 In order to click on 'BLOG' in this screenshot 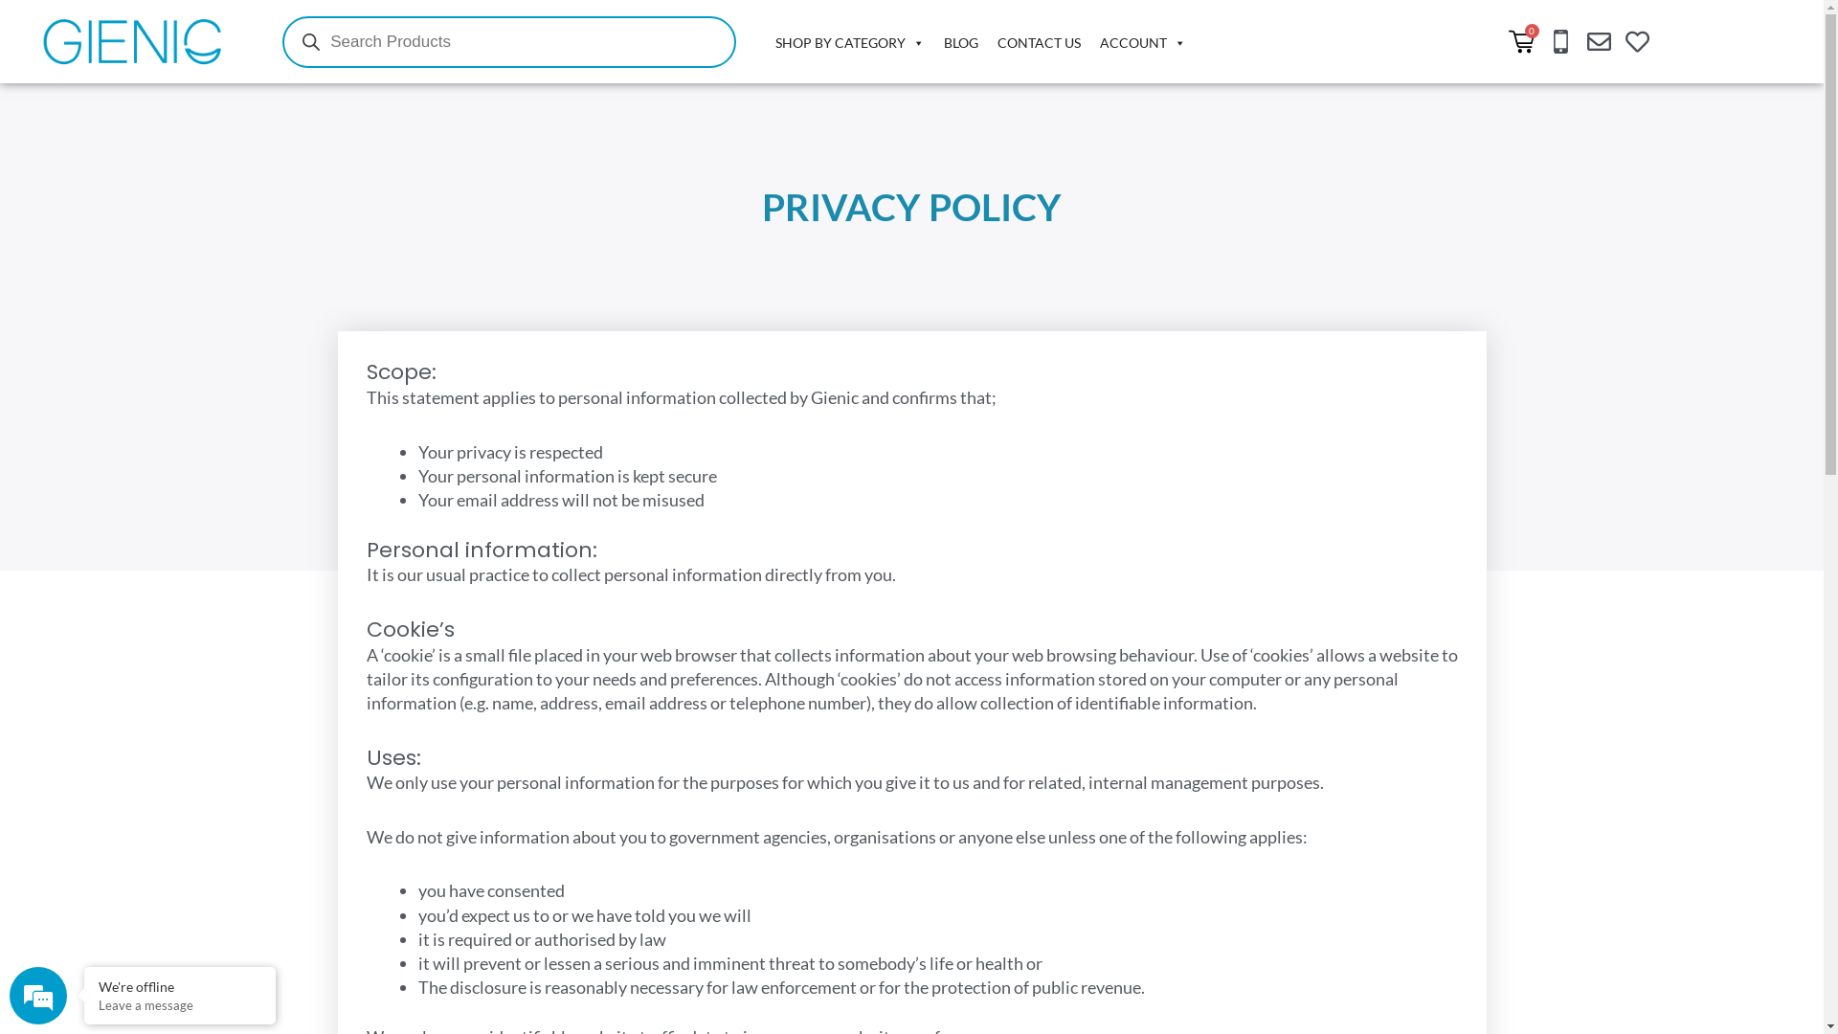, I will do `click(960, 43)`.